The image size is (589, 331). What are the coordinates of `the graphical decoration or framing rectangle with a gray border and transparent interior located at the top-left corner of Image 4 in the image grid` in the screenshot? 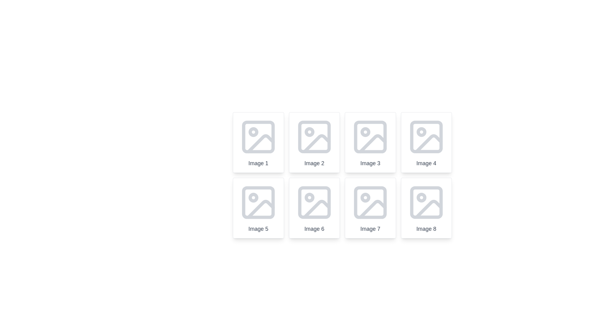 It's located at (426, 137).